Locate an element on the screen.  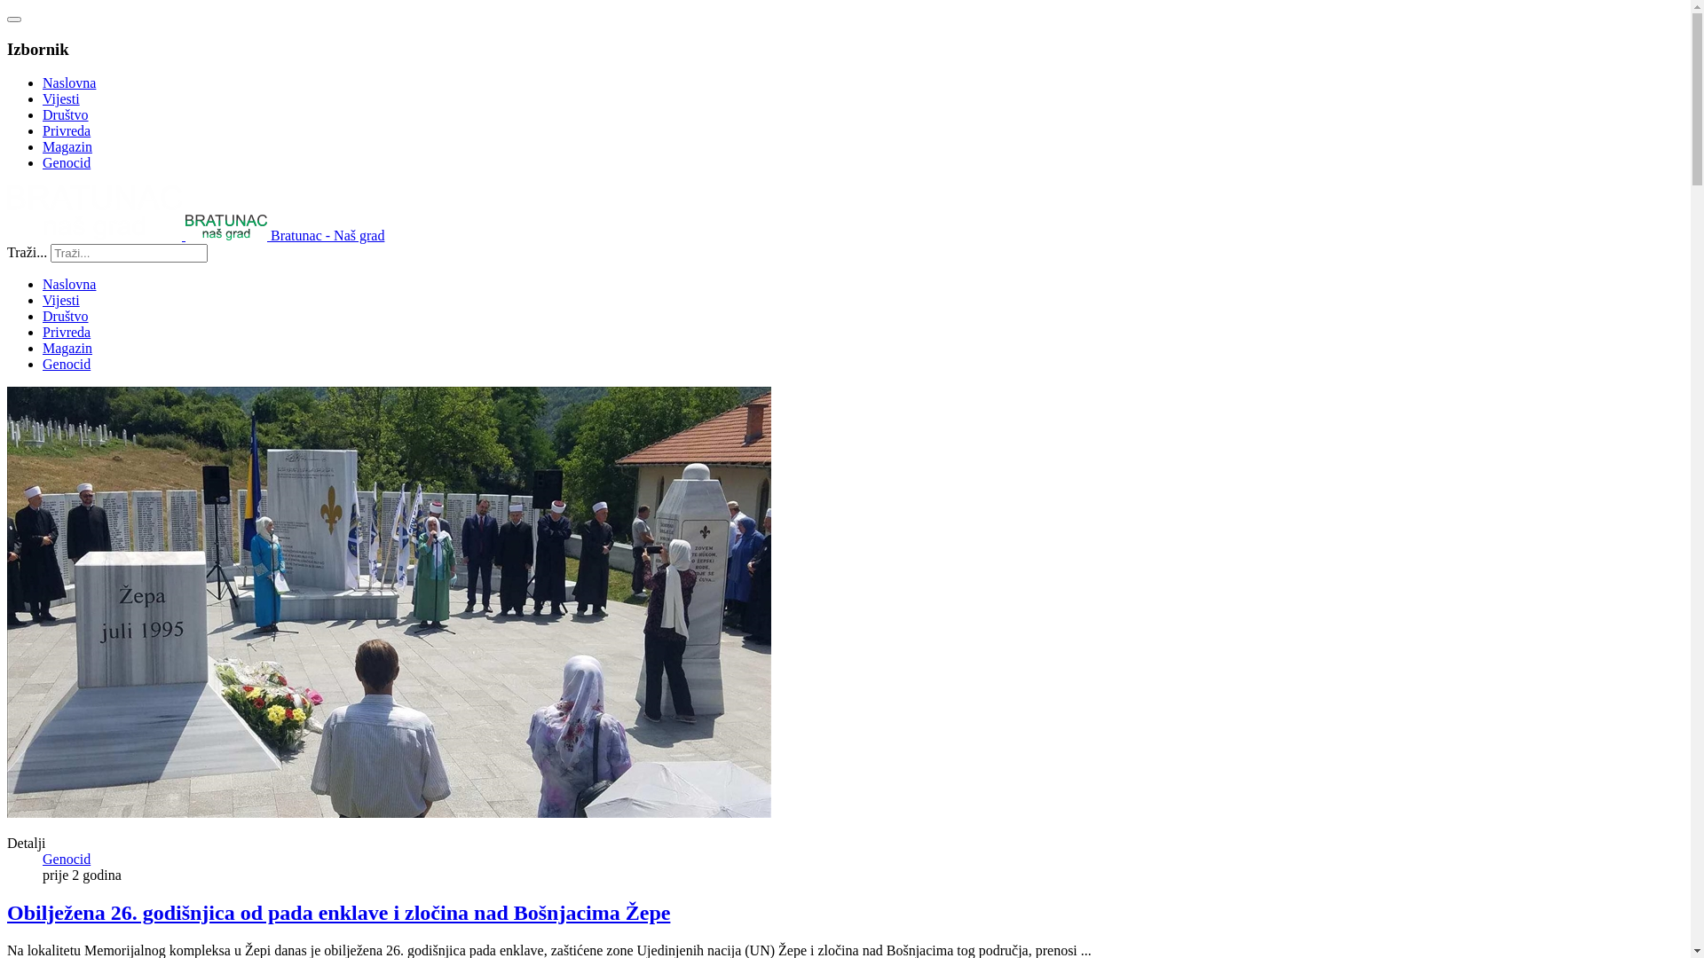
'Magazin' is located at coordinates (67, 348).